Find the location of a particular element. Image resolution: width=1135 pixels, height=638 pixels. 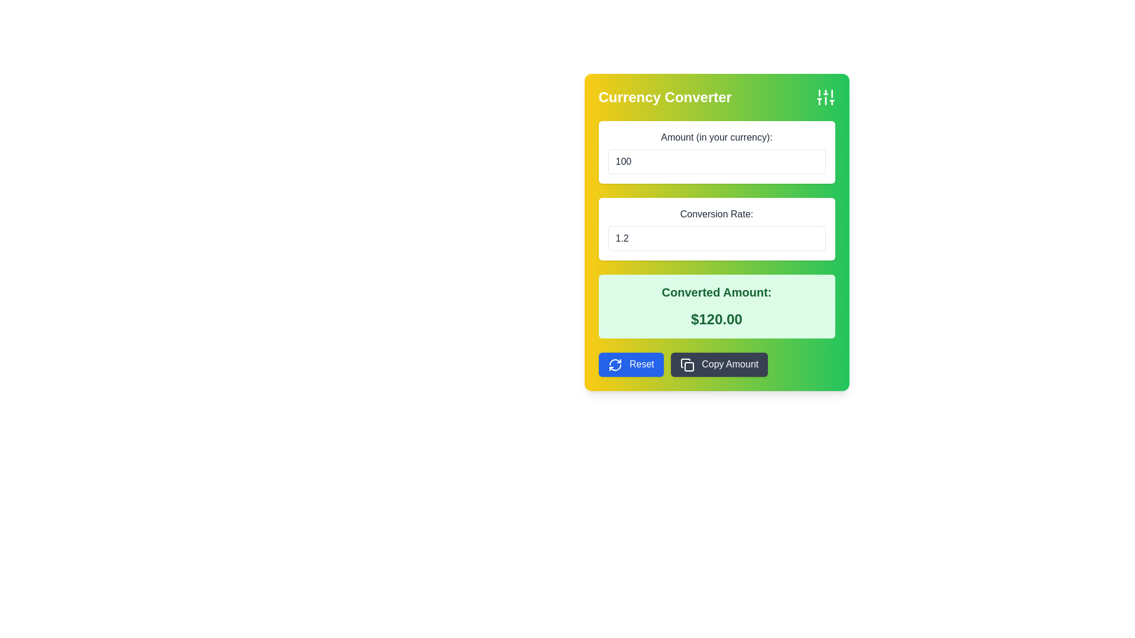

the 'Copy' button located at the bottom of the 'Currency Converter' card interface, which allows users to copy the converted currency amount to the clipboard for tooltip or visual feedback is located at coordinates (716, 364).